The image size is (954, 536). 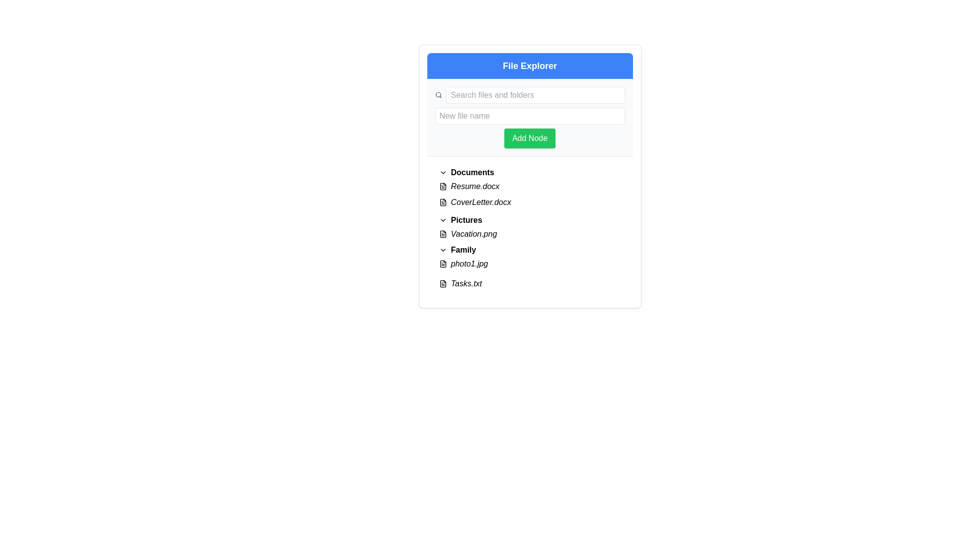 What do you see at coordinates (529, 202) in the screenshot?
I see `the file entry labeled 'CoverLetter.docx' in the Documents folder` at bounding box center [529, 202].